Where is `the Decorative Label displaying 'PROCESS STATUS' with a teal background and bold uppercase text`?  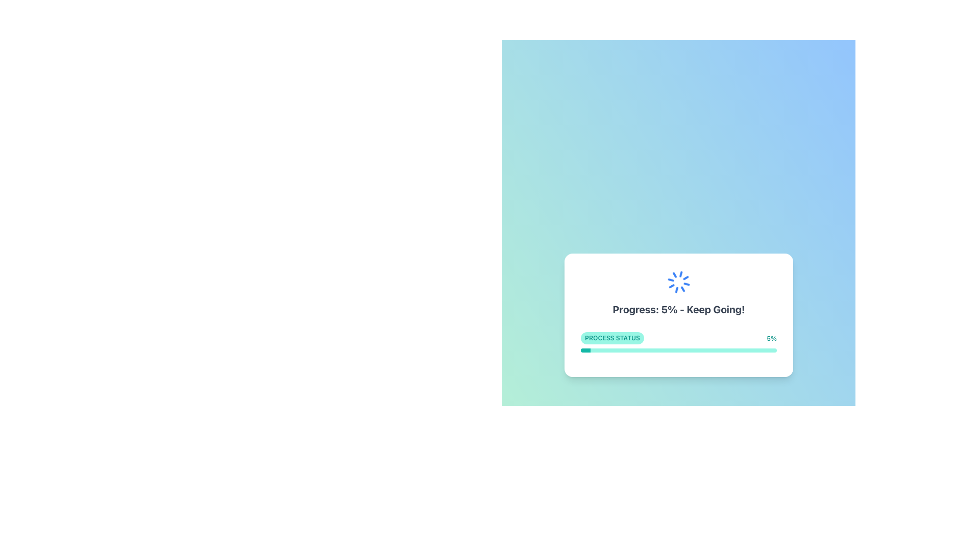
the Decorative Label displaying 'PROCESS STATUS' with a teal background and bold uppercase text is located at coordinates (612, 338).